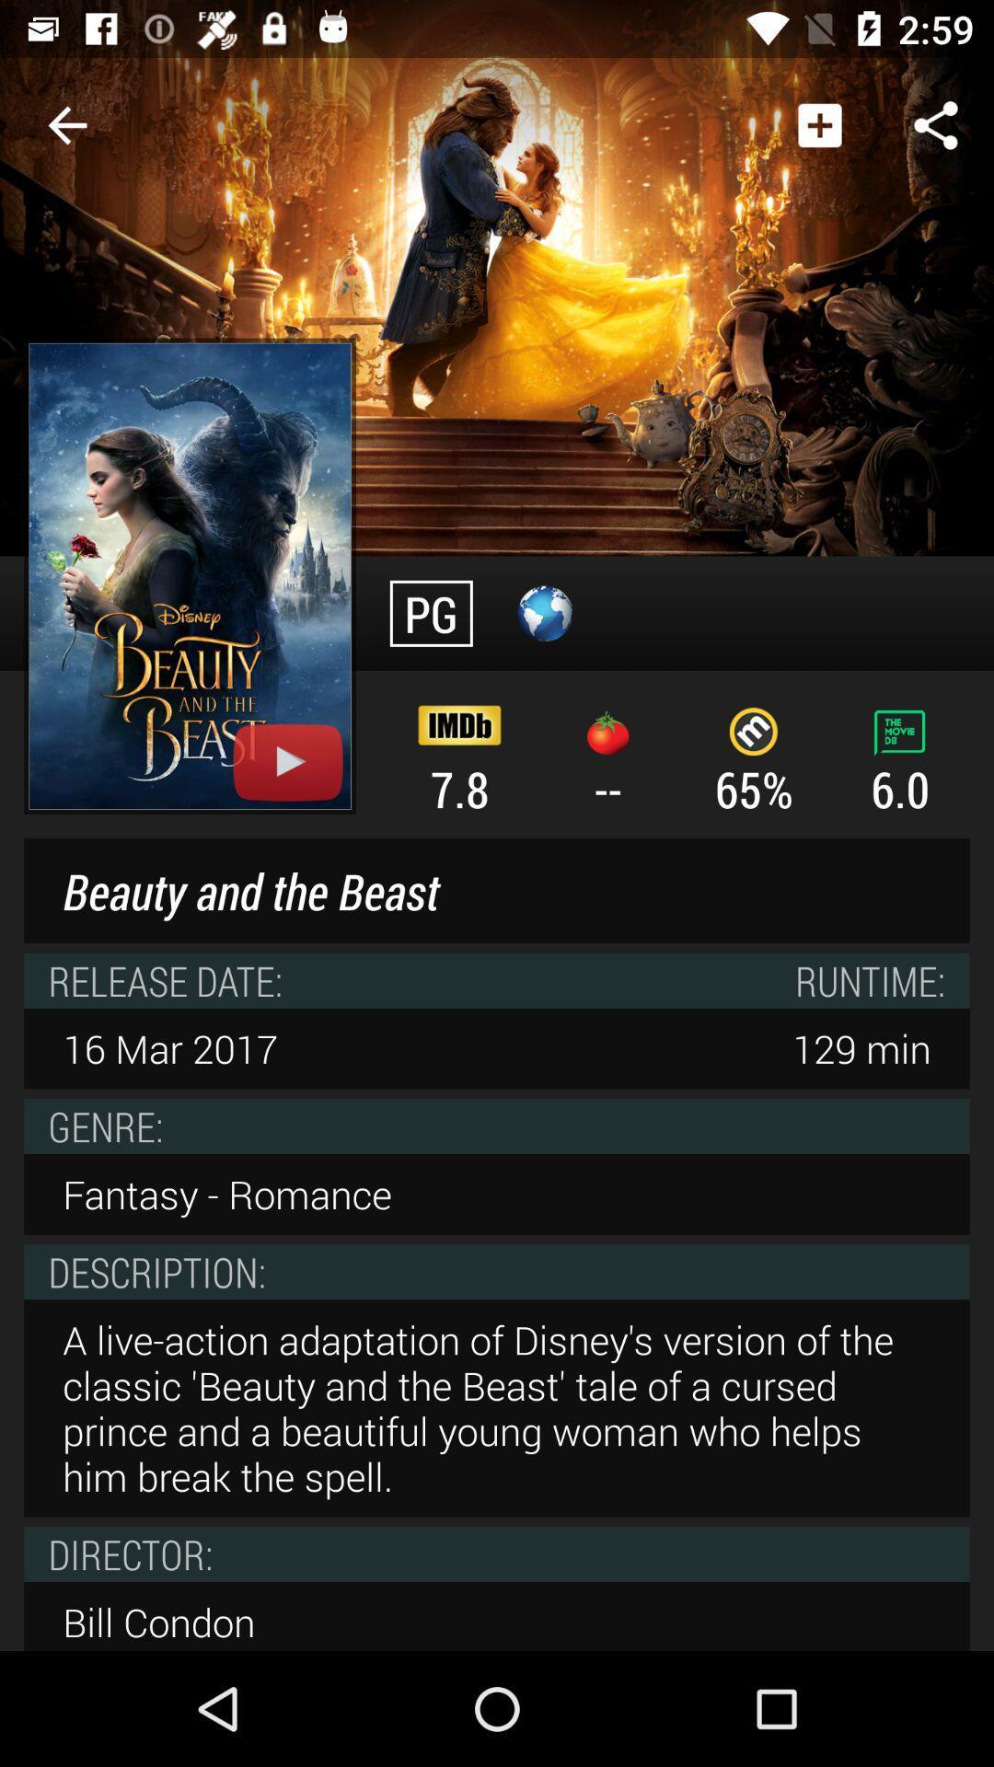 The height and width of the screenshot is (1767, 994). Describe the element at coordinates (458, 758) in the screenshot. I see `option below pg` at that location.